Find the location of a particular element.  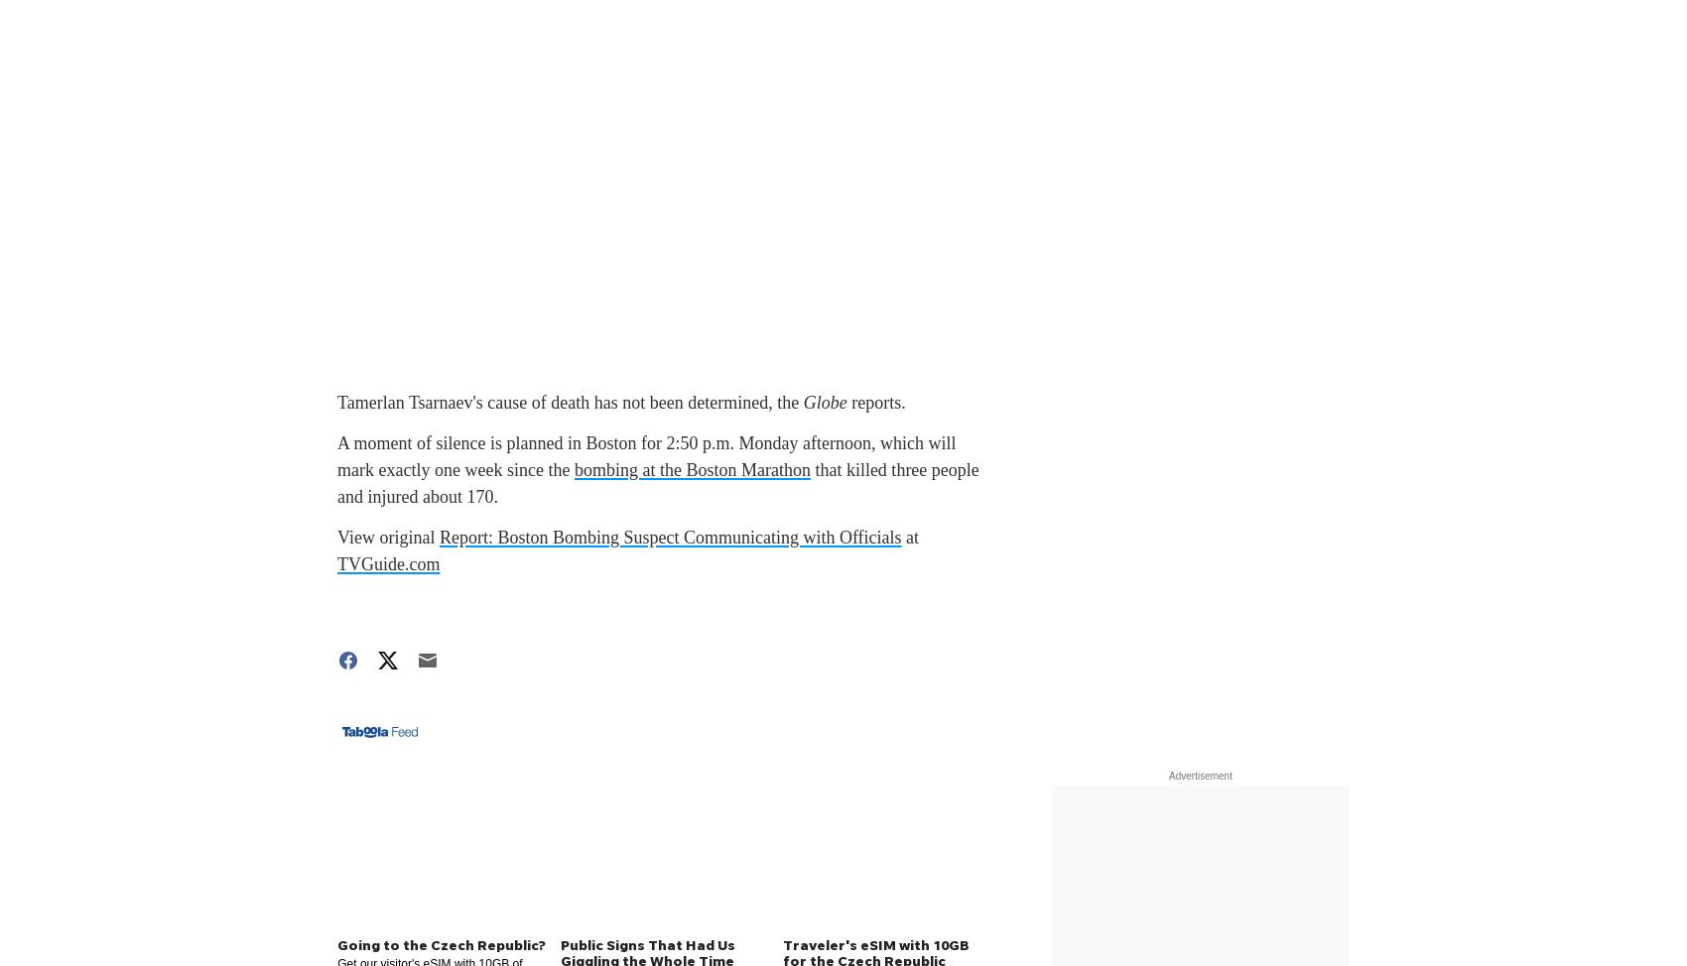

'A moment of silence is planned in Boston for 2:50 p.m. Monday afternoon, which will mark exactly one week since the' is located at coordinates (646, 455).